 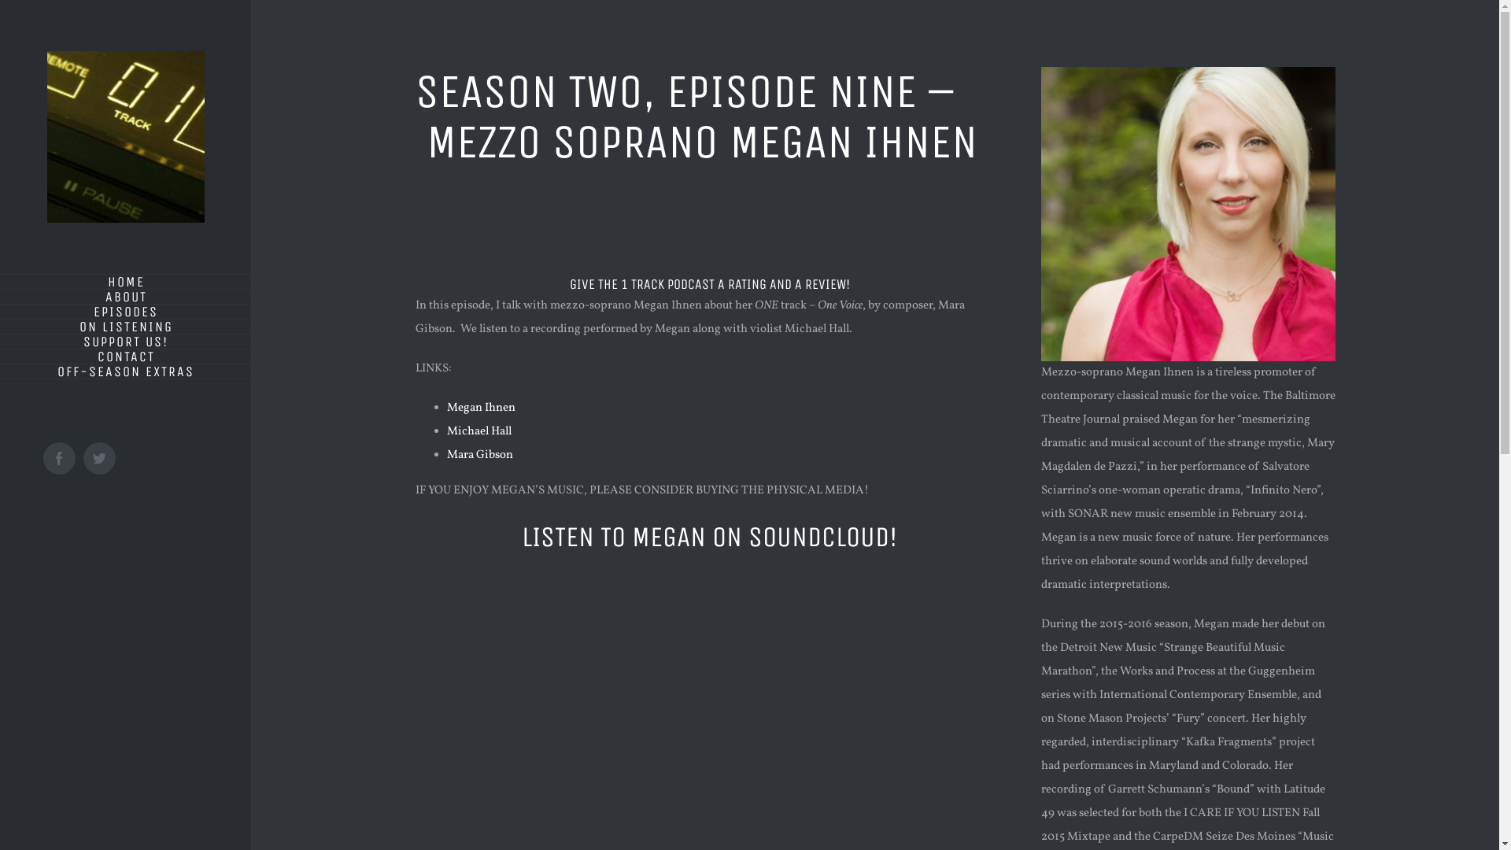 What do you see at coordinates (98, 458) in the screenshot?
I see `'Twitter'` at bounding box center [98, 458].